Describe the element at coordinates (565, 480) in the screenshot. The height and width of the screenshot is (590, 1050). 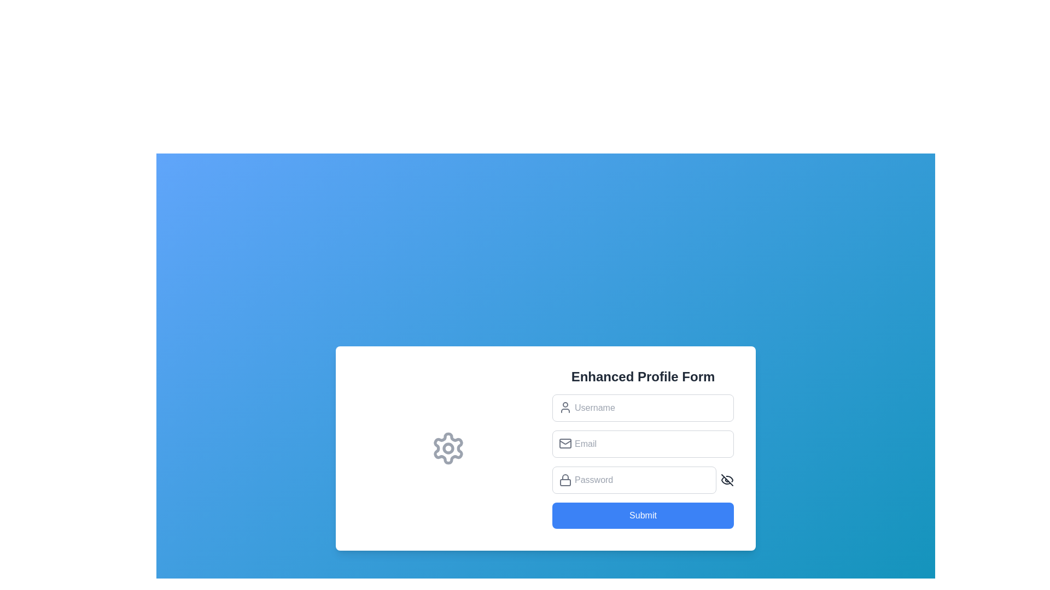
I see `the grey lock icon located inside the password input field, positioned to the left of the placeholder text 'Password'` at that location.